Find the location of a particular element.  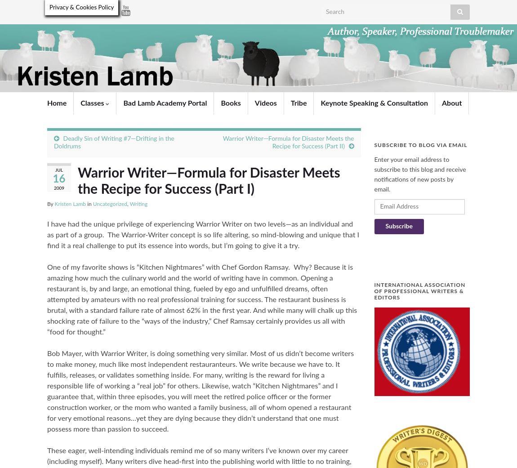

'Bad Lamb Academy Portal' is located at coordinates (165, 103).